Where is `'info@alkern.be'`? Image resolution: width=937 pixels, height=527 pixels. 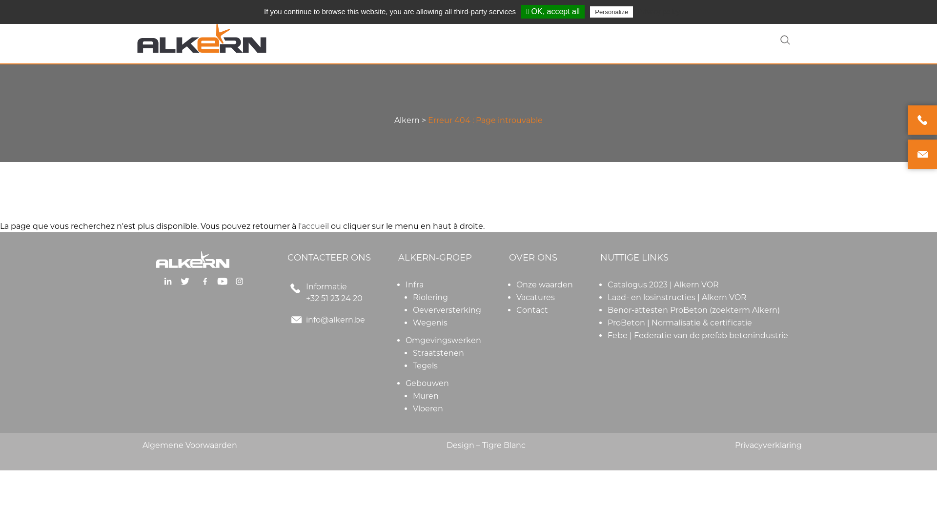
'info@alkern.be' is located at coordinates (335, 320).